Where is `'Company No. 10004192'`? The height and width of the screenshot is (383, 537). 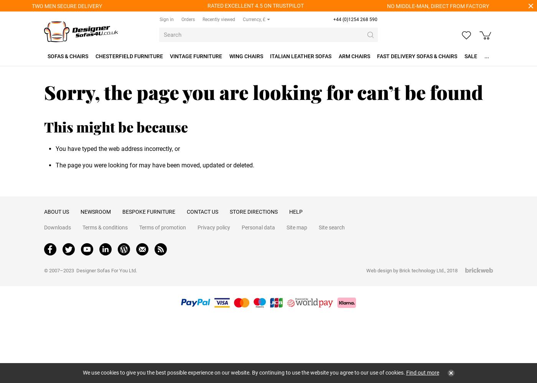
'Company No. 10004192' is located at coordinates (66, 256).